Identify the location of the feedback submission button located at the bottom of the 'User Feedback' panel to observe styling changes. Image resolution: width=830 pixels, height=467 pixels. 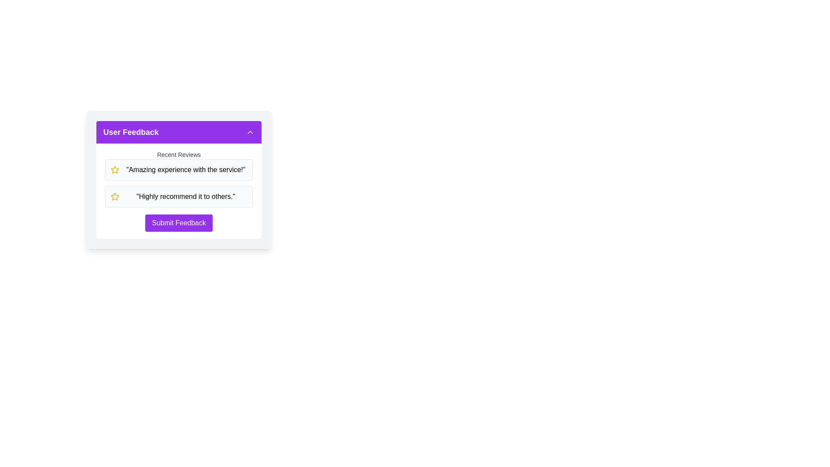
(178, 223).